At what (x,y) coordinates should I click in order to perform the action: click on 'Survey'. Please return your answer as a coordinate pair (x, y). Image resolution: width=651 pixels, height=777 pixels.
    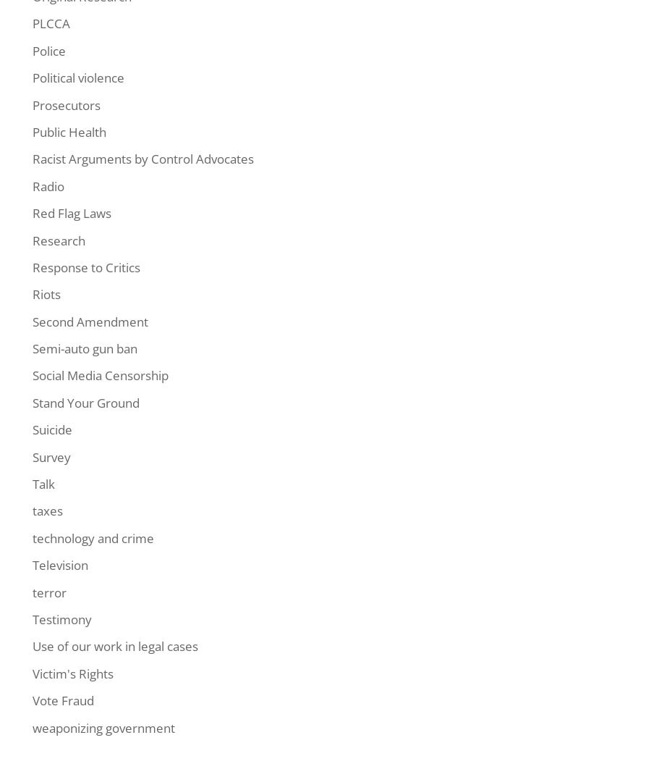
    Looking at the image, I should click on (51, 455).